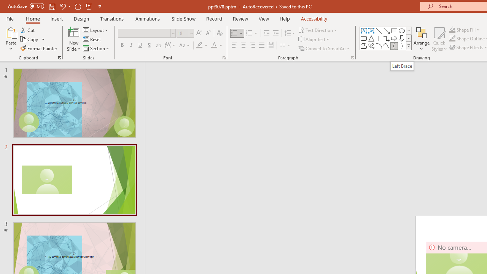 This screenshot has height=274, width=487. Describe the element at coordinates (262, 45) in the screenshot. I see `'Justify'` at that location.